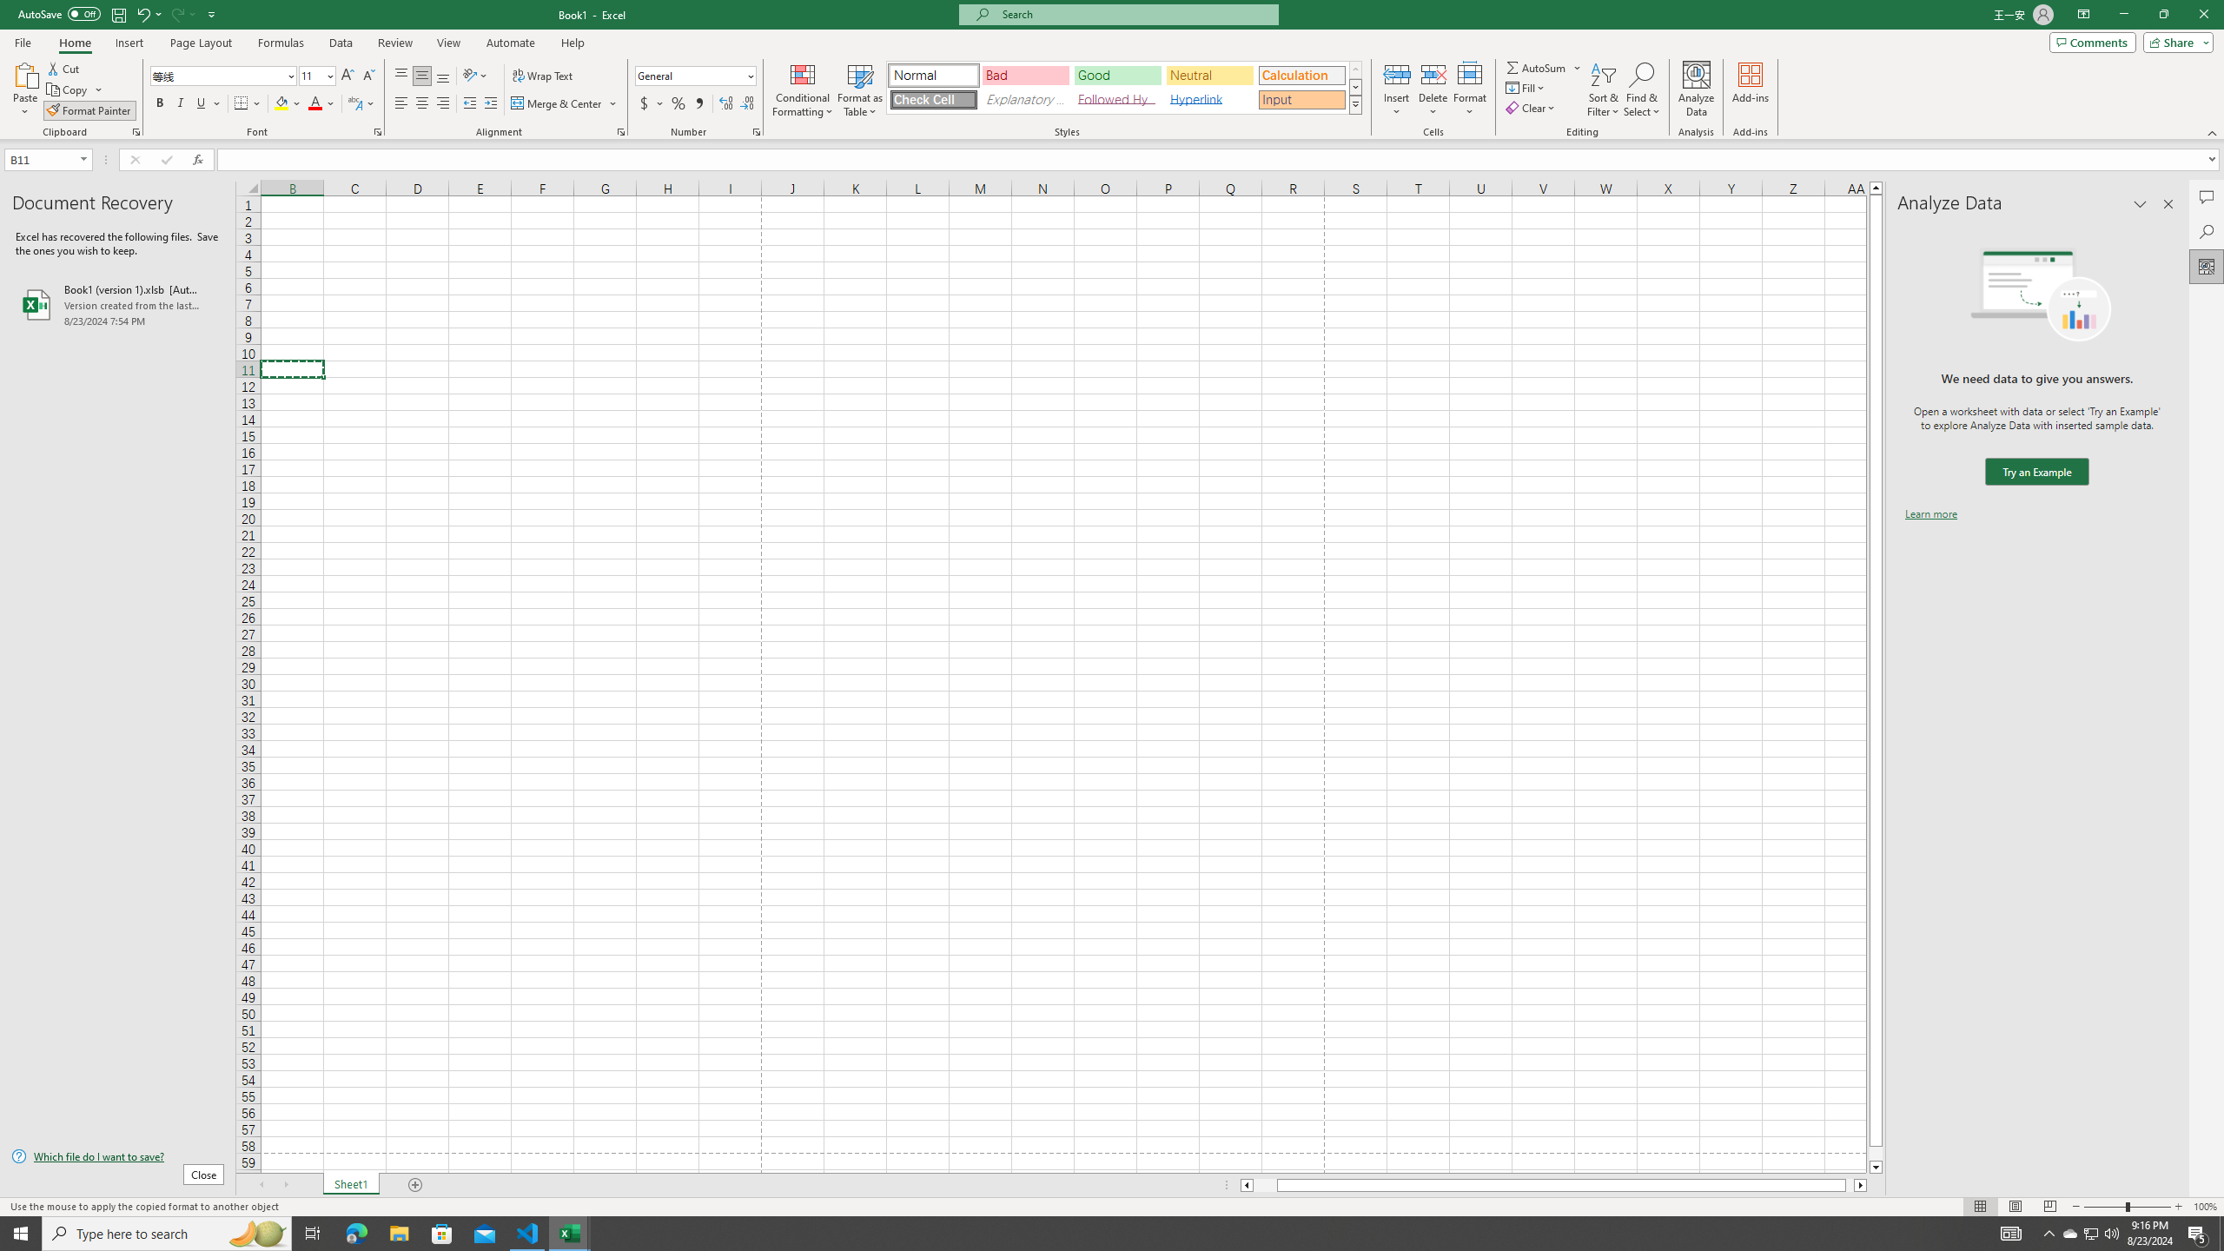 The width and height of the screenshot is (2224, 1251). Describe the element at coordinates (367, 76) in the screenshot. I see `'Decrease Font Size'` at that location.